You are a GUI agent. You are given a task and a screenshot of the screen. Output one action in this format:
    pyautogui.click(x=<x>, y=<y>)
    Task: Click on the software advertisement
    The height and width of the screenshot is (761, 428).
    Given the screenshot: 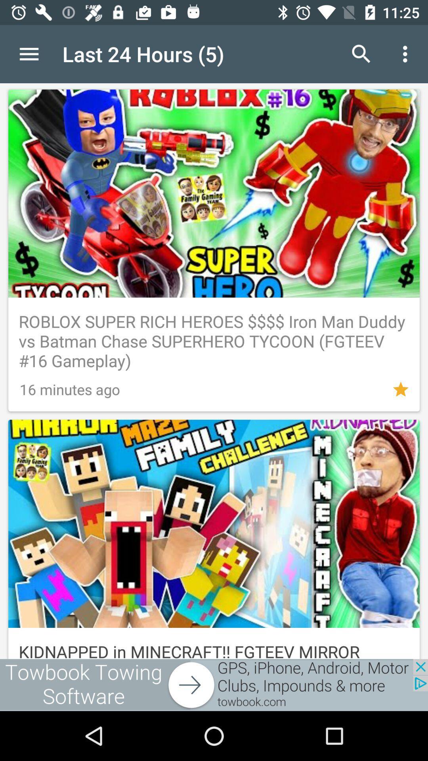 What is the action you would take?
    pyautogui.click(x=214, y=685)
    